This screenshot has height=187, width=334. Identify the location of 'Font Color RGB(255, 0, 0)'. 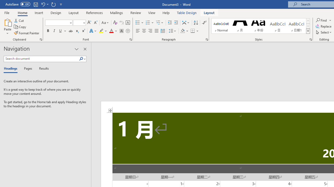
(111, 31).